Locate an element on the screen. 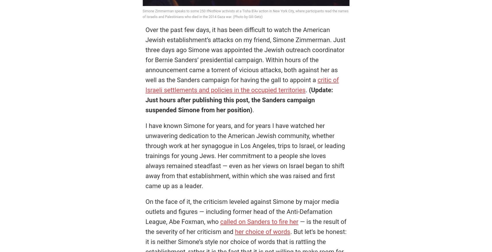 The width and height of the screenshot is (492, 252). 'I have known Simone for years, and for years I have watched her unwavering dedication to the American Jewish community, whether through work at her synagogue in Los Angeles, trips to Israel, or leading trainings for young Jews. Her commitment to a people she loves always remained steadfast — even as her views on Israel began to shift away from that establishment, within which she was raised and first came up as a leader.' is located at coordinates (245, 155).